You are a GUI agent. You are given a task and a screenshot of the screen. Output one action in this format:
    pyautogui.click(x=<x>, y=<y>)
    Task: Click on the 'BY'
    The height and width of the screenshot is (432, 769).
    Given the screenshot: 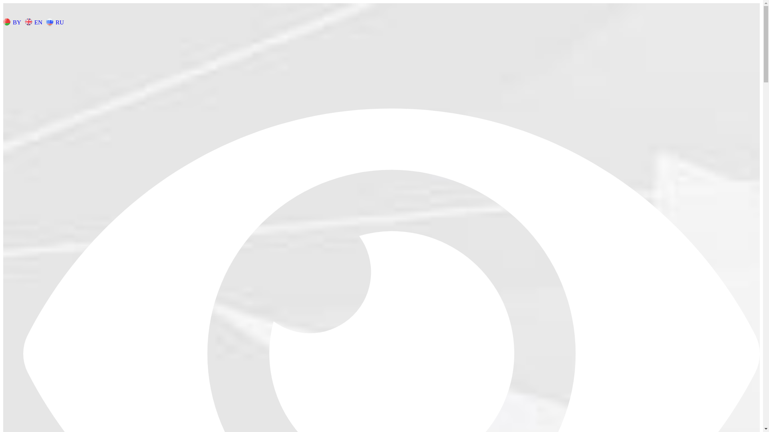 What is the action you would take?
    pyautogui.click(x=13, y=21)
    